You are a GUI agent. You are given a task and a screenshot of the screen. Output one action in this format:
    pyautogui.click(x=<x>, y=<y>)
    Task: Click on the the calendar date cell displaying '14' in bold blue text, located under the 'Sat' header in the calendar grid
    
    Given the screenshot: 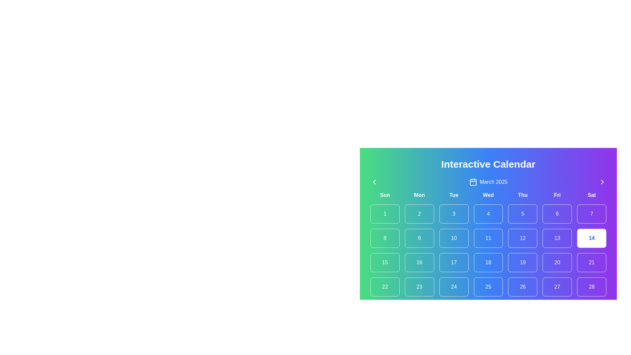 What is the action you would take?
    pyautogui.click(x=592, y=238)
    